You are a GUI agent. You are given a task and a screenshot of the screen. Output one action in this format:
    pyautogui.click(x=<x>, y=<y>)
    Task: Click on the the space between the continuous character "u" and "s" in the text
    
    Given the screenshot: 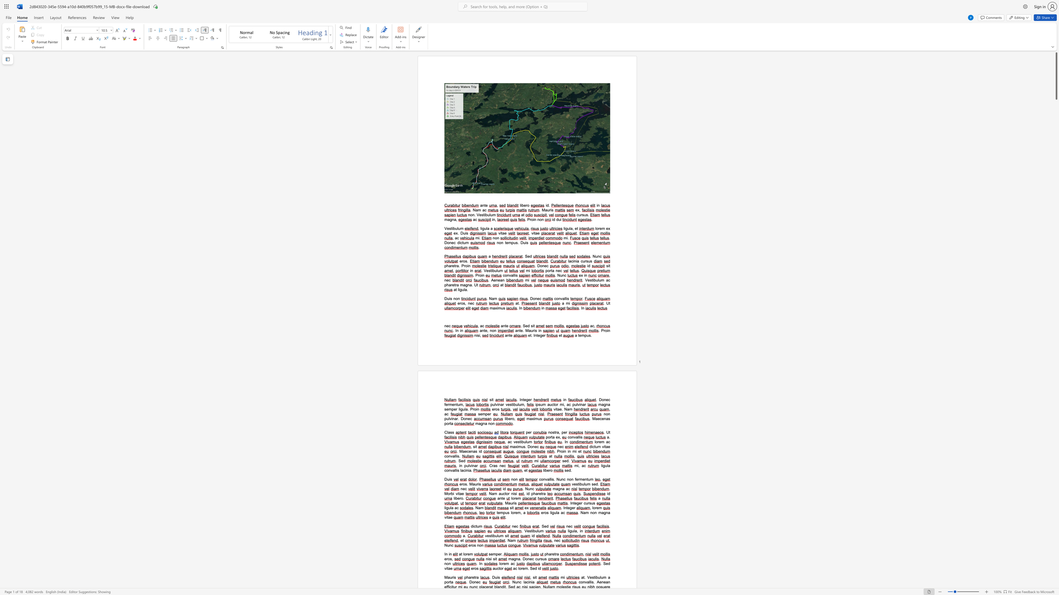 What is the action you would take?
    pyautogui.click(x=515, y=242)
    